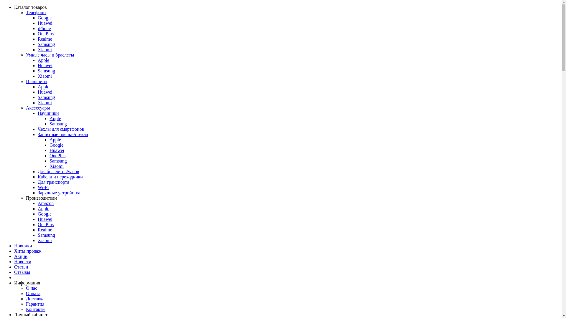  What do you see at coordinates (45, 203) in the screenshot?
I see `'Amazon'` at bounding box center [45, 203].